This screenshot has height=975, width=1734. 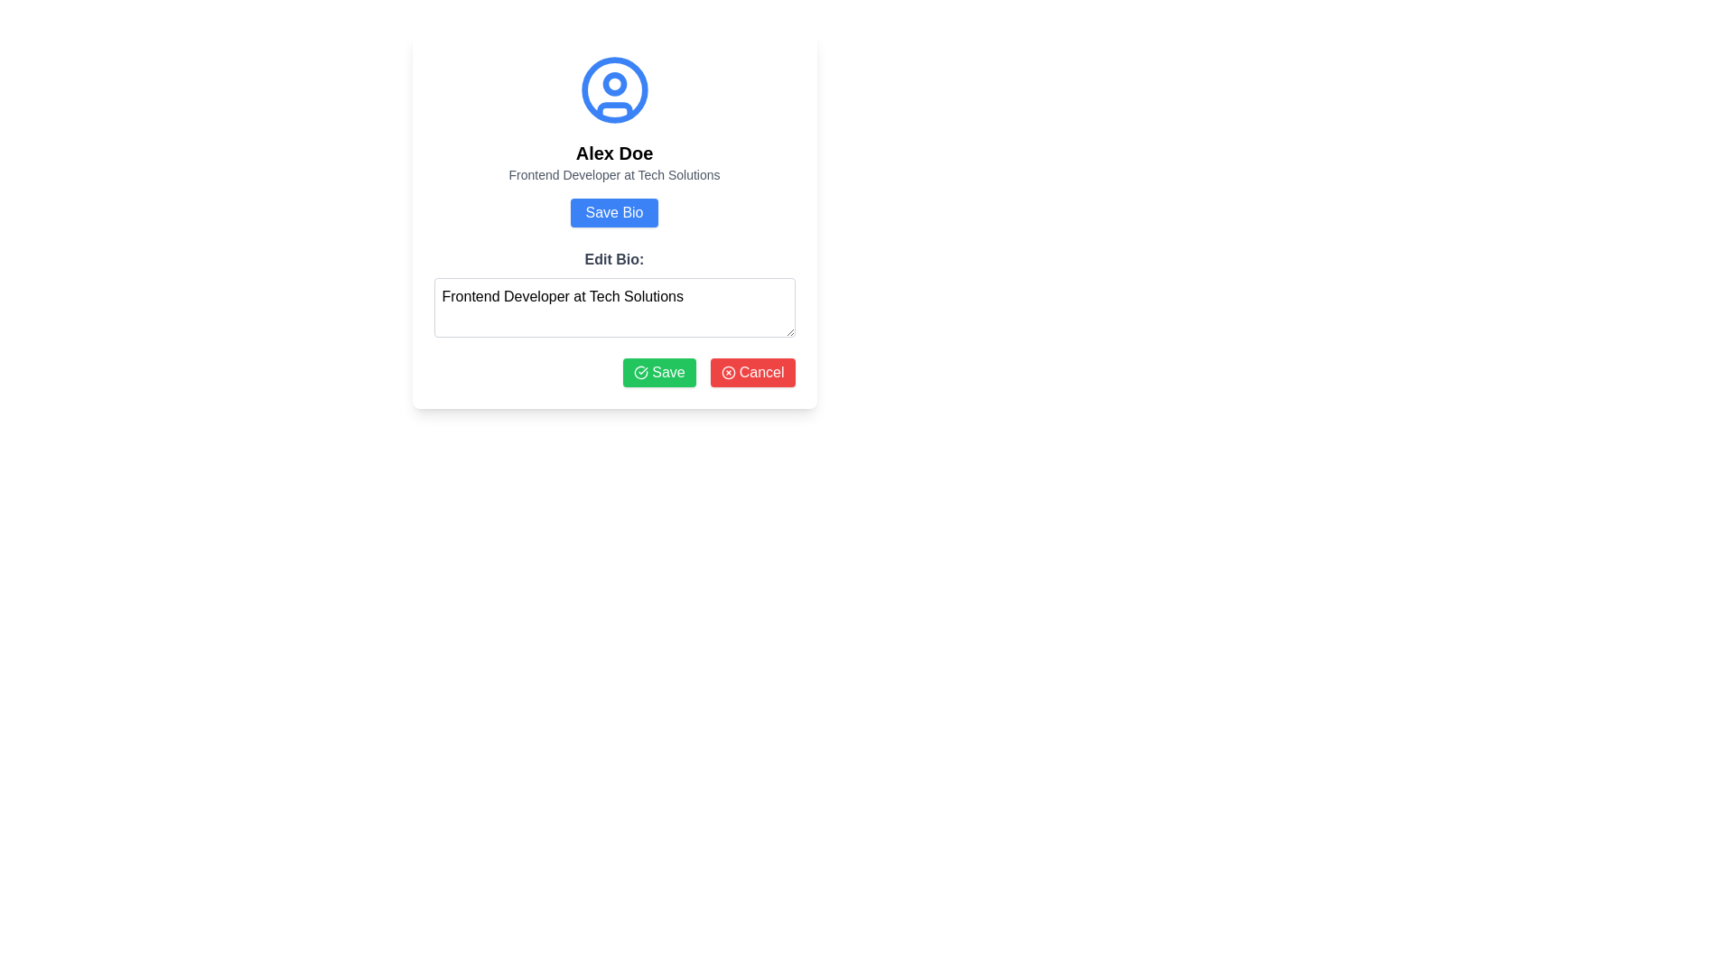 I want to click on the circular SVG graphic which is styled as a thinly stroked circle and is located in the center-right area of the layout, so click(x=728, y=371).